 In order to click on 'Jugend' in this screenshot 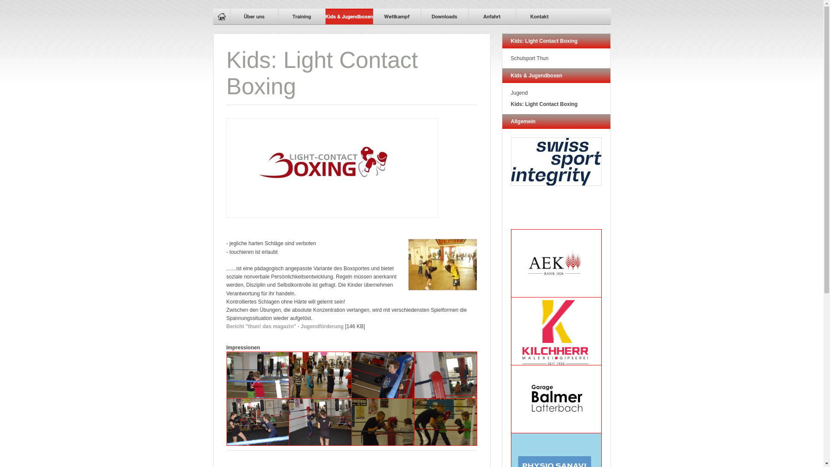, I will do `click(556, 93)`.